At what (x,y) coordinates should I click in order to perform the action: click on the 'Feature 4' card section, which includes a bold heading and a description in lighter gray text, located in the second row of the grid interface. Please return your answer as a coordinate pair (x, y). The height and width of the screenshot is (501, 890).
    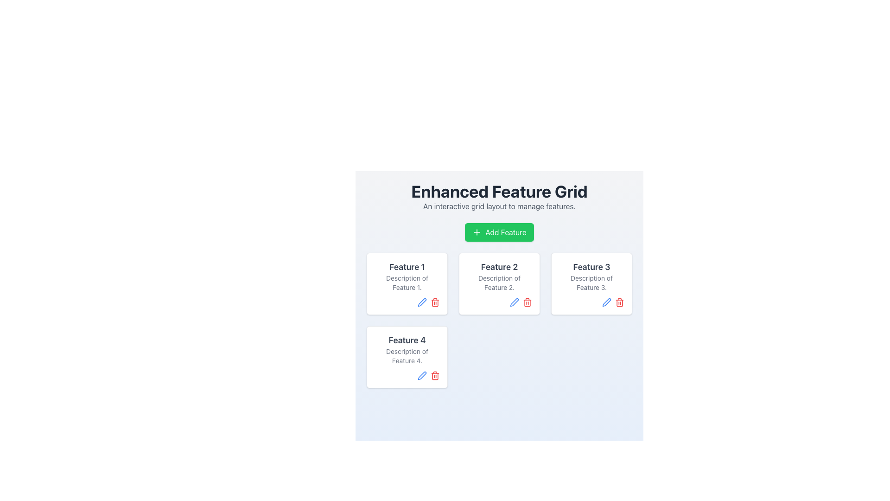
    Looking at the image, I should click on (407, 349).